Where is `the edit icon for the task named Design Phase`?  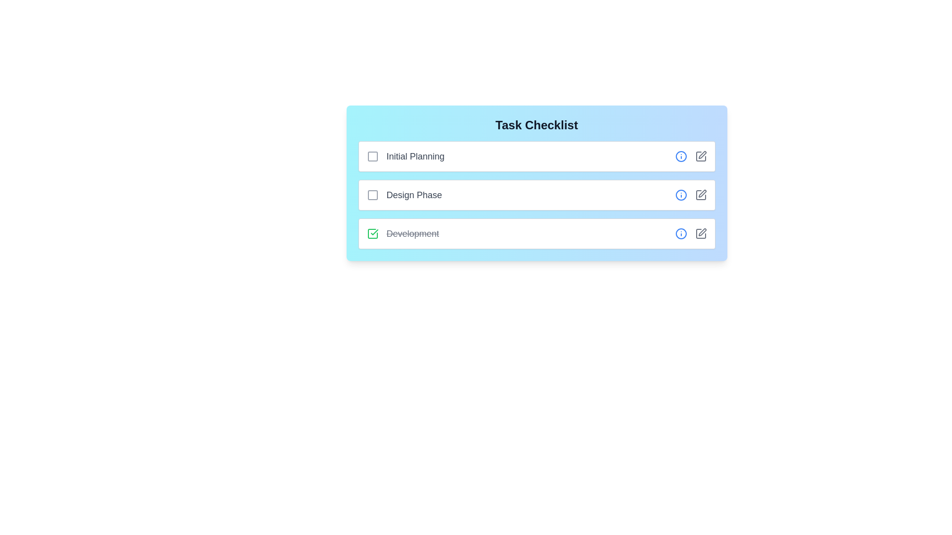 the edit icon for the task named Design Phase is located at coordinates (700, 195).